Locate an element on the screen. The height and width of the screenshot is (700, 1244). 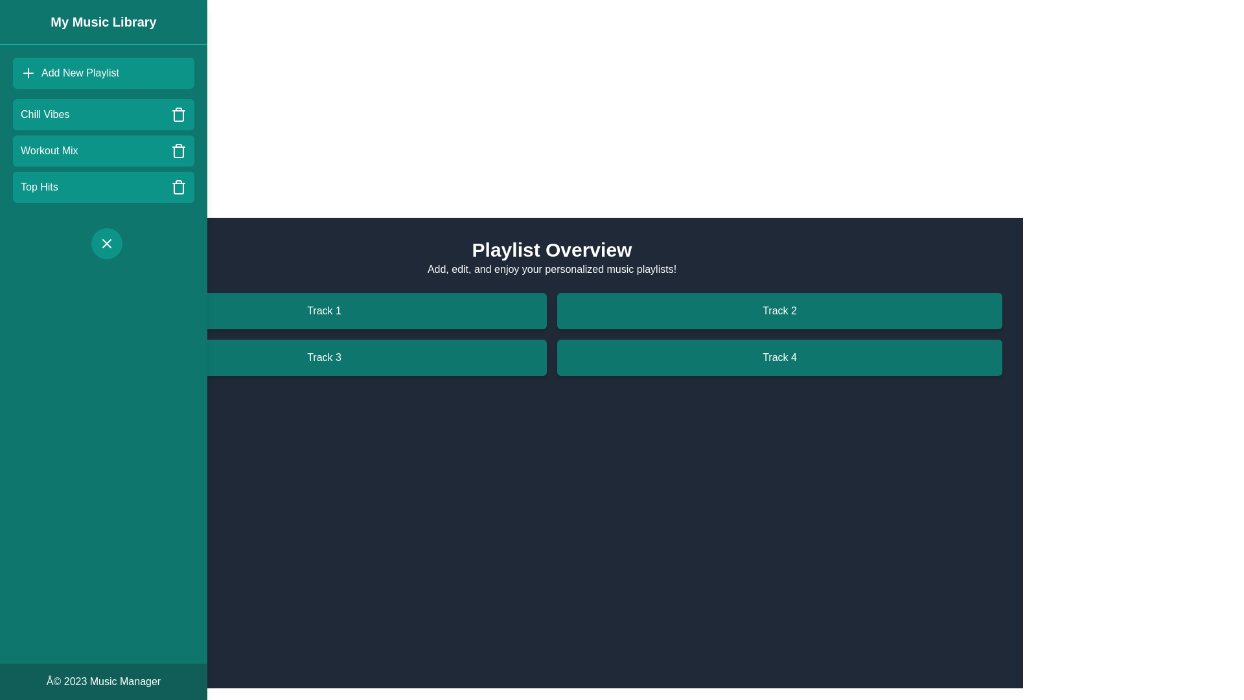
the trash icon located on the right end of the 'Top Hits' entry in the sidebar is located at coordinates (178, 187).